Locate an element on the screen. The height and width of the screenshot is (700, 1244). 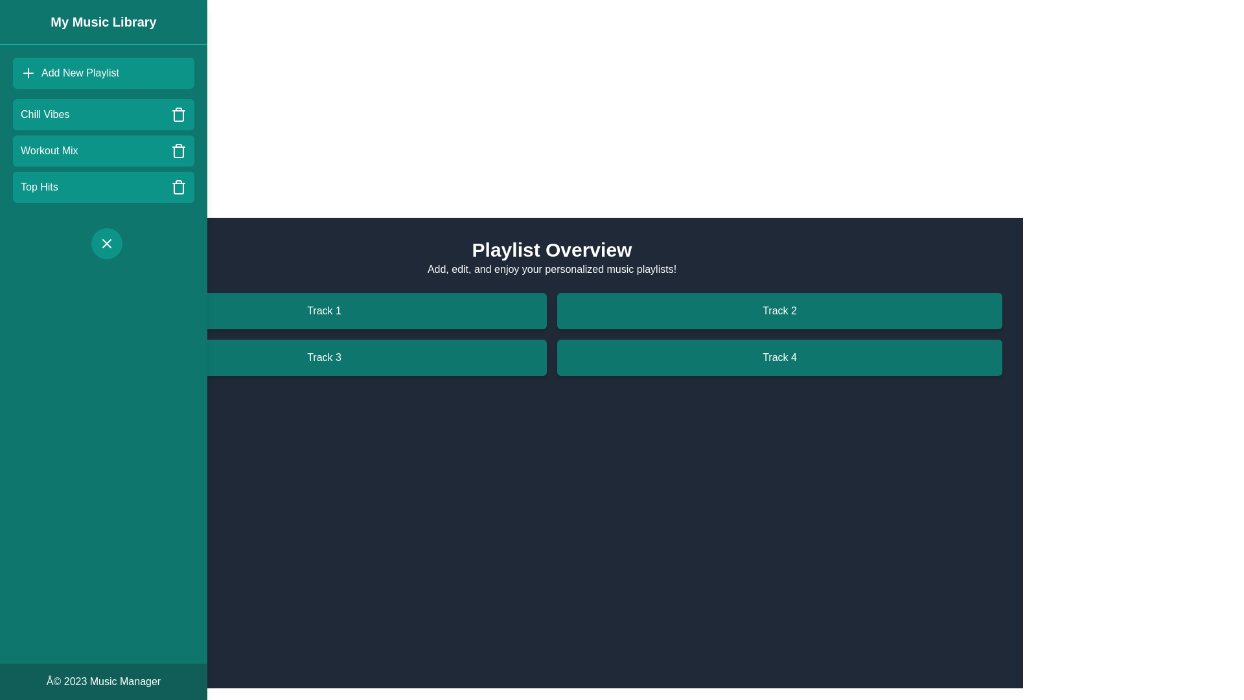
the trash icon located on the right end of the 'Top Hits' entry in the sidebar is located at coordinates (178, 187).